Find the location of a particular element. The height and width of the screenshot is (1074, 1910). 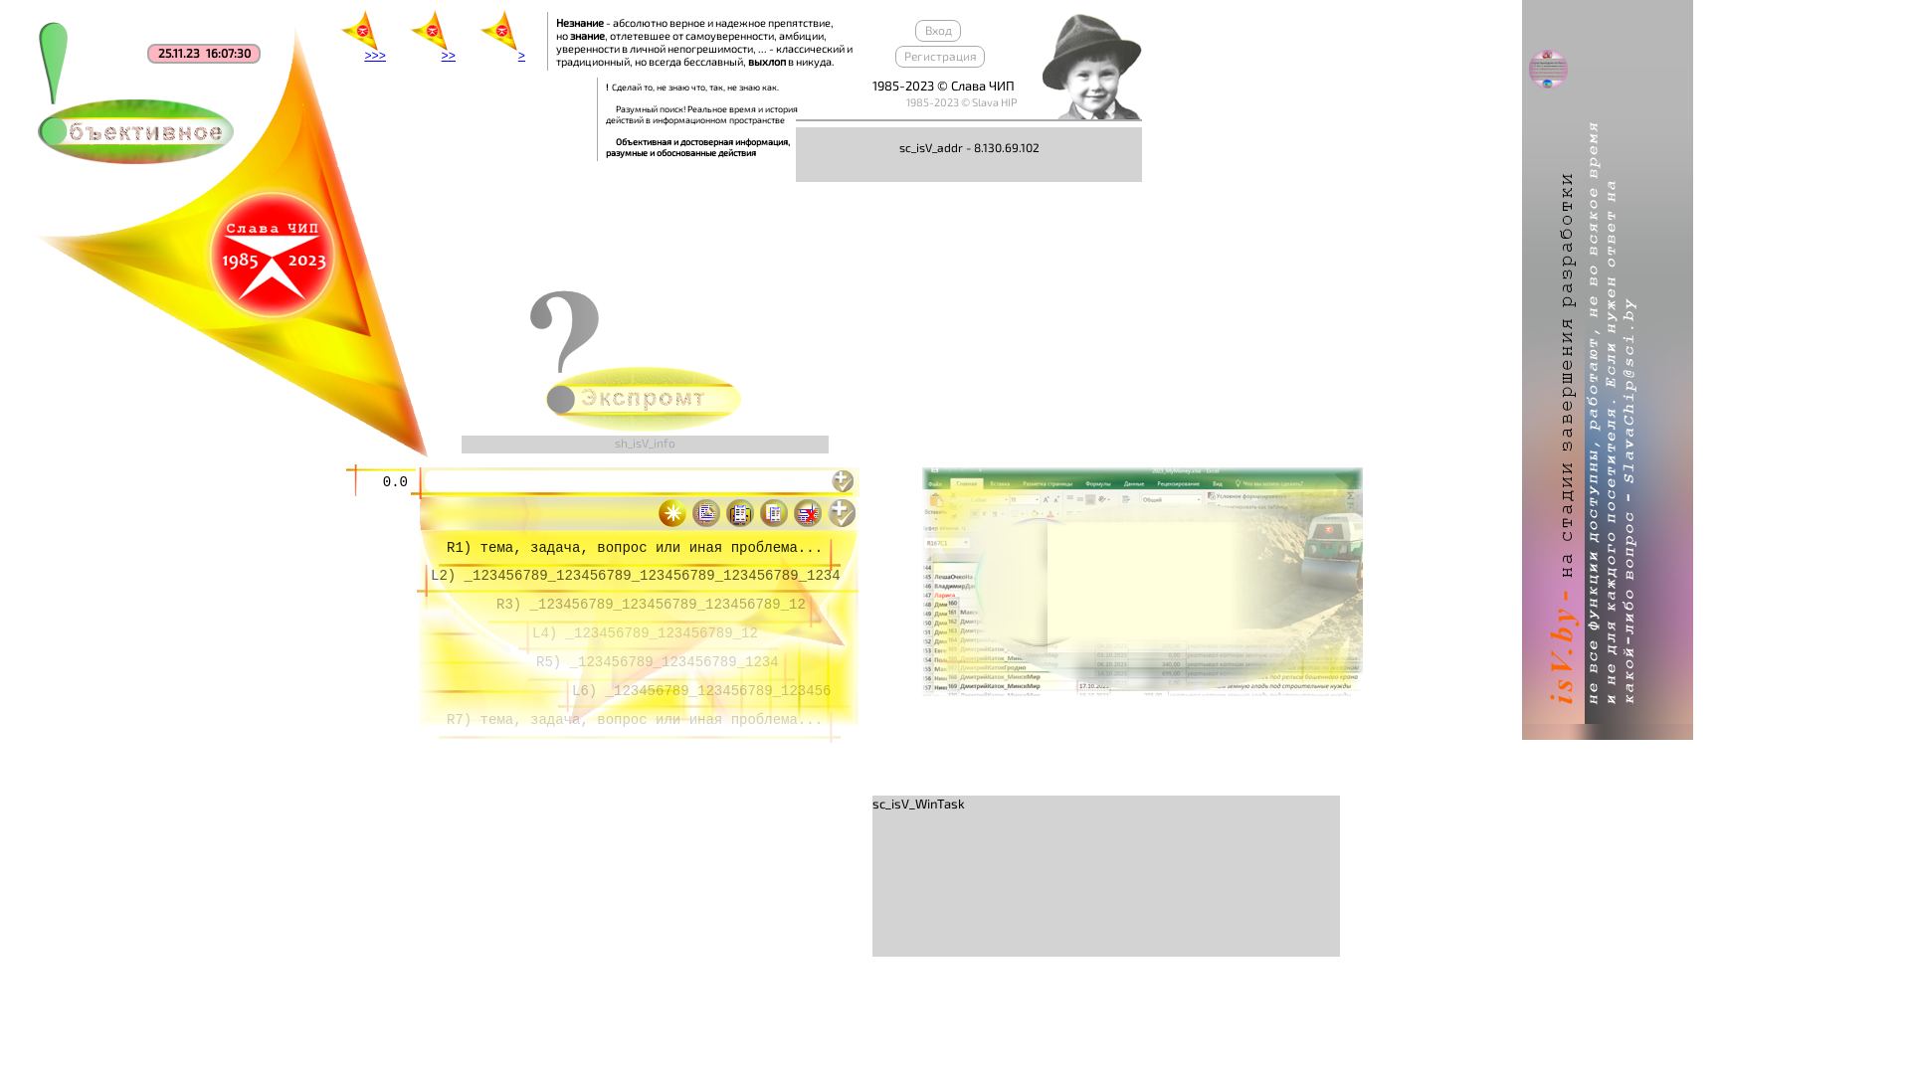

'>' is located at coordinates (477, 39).